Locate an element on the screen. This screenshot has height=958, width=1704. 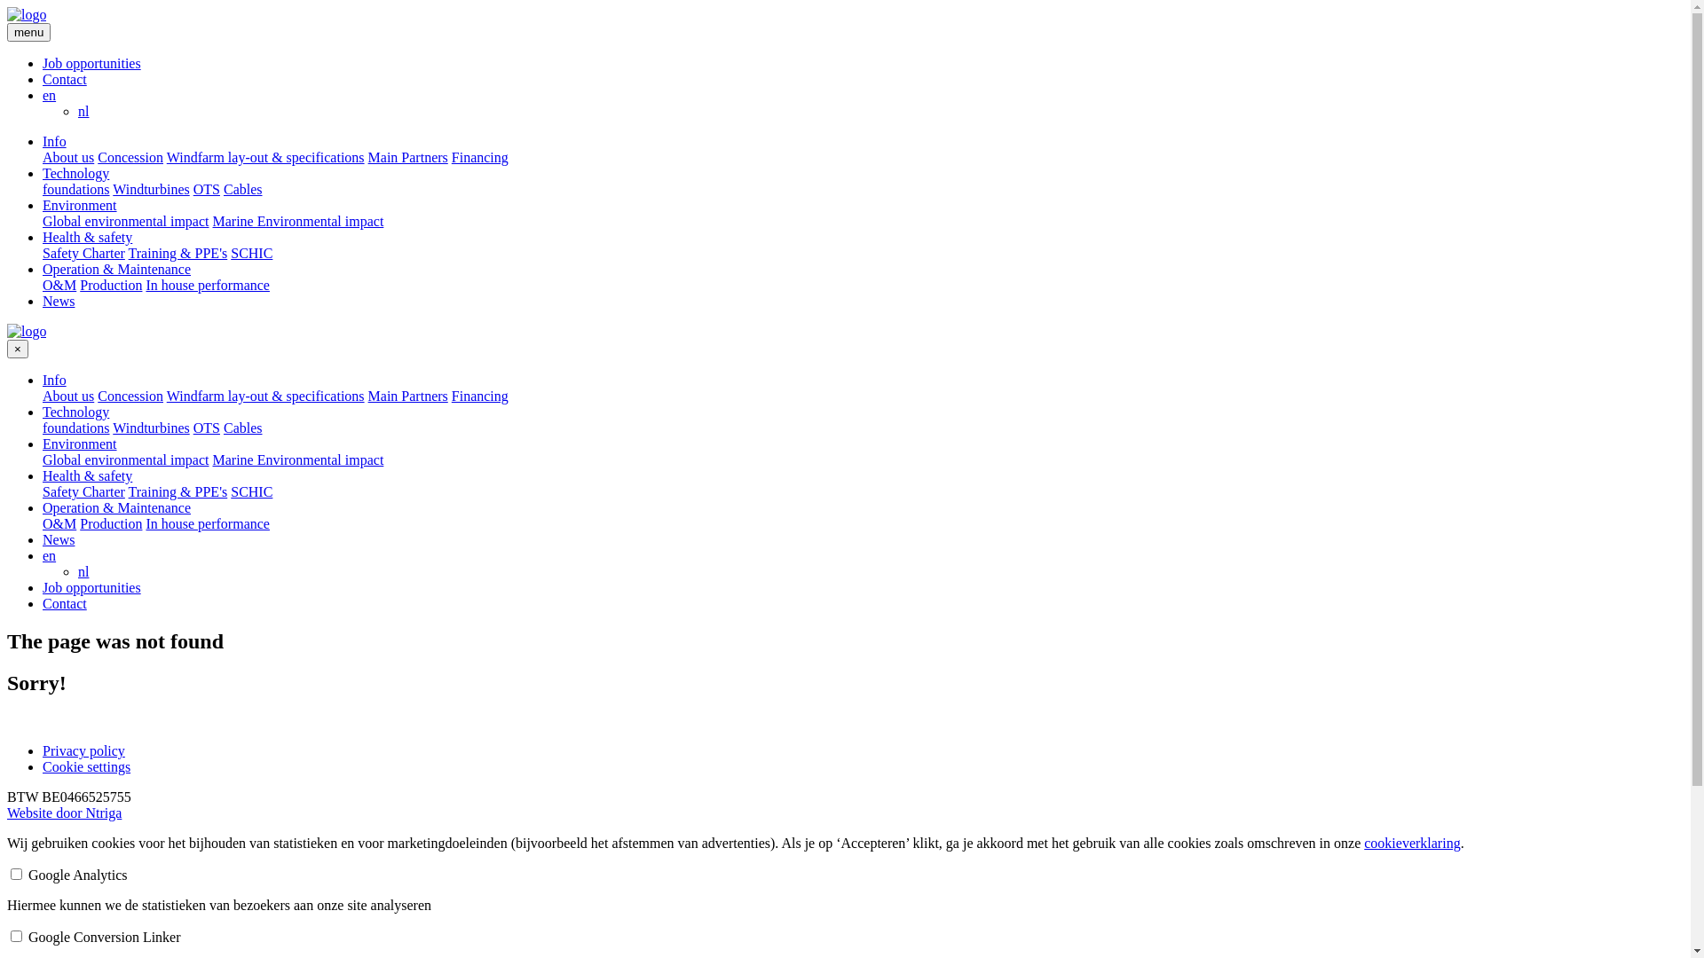
'Health & safety' is located at coordinates (86, 475).